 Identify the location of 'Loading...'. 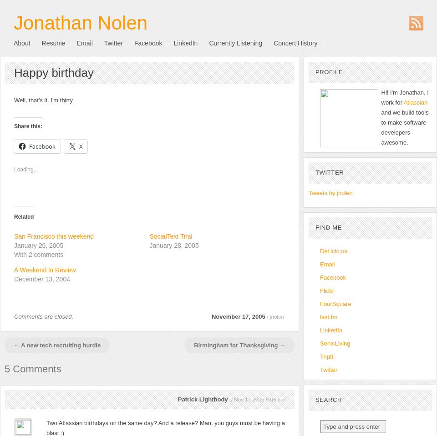
(25, 169).